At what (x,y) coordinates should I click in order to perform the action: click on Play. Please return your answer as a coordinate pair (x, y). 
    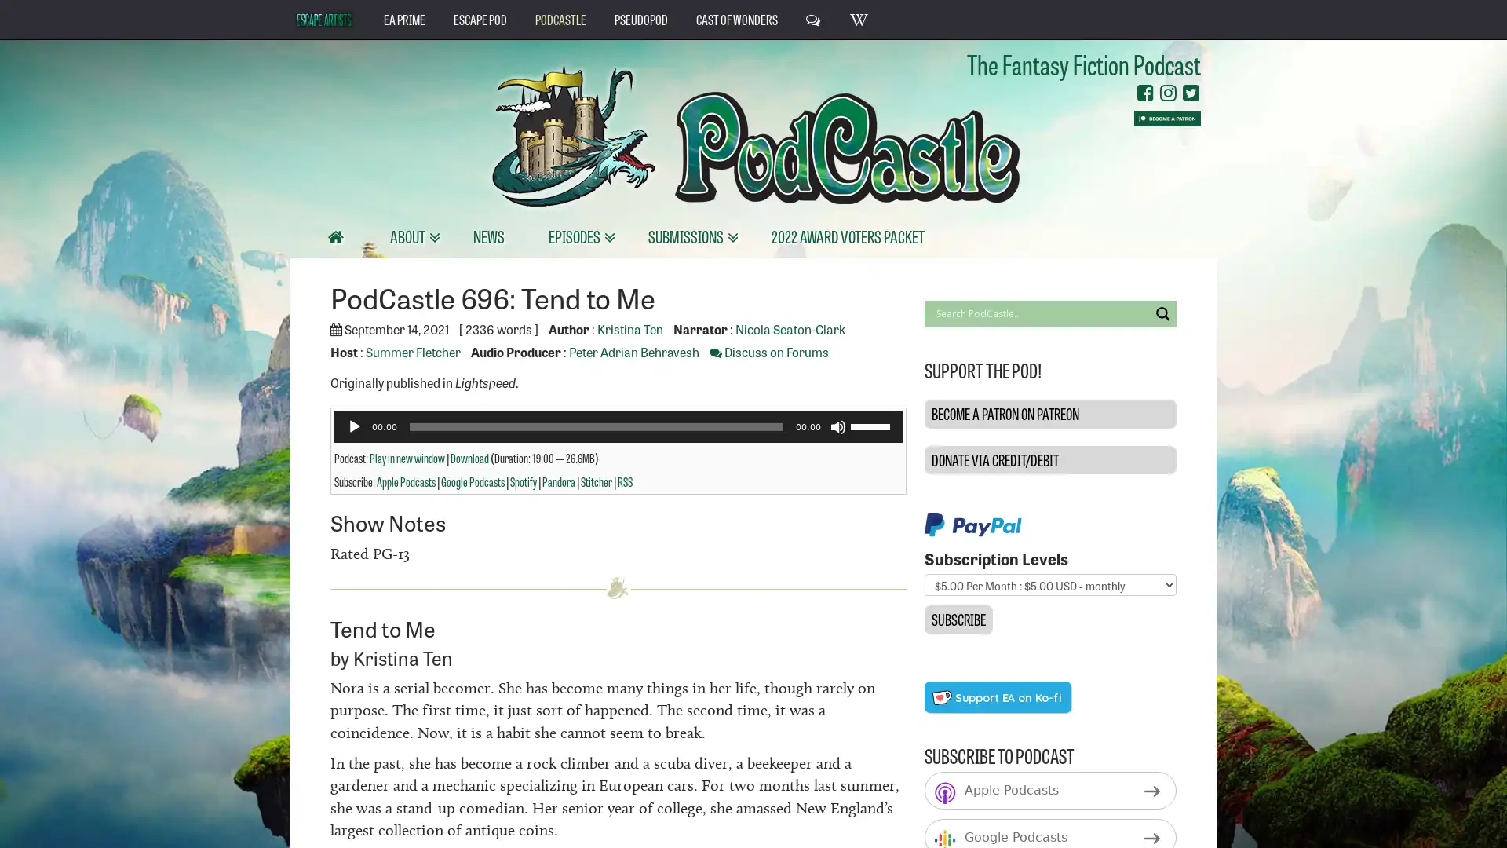
    Looking at the image, I should click on (353, 426).